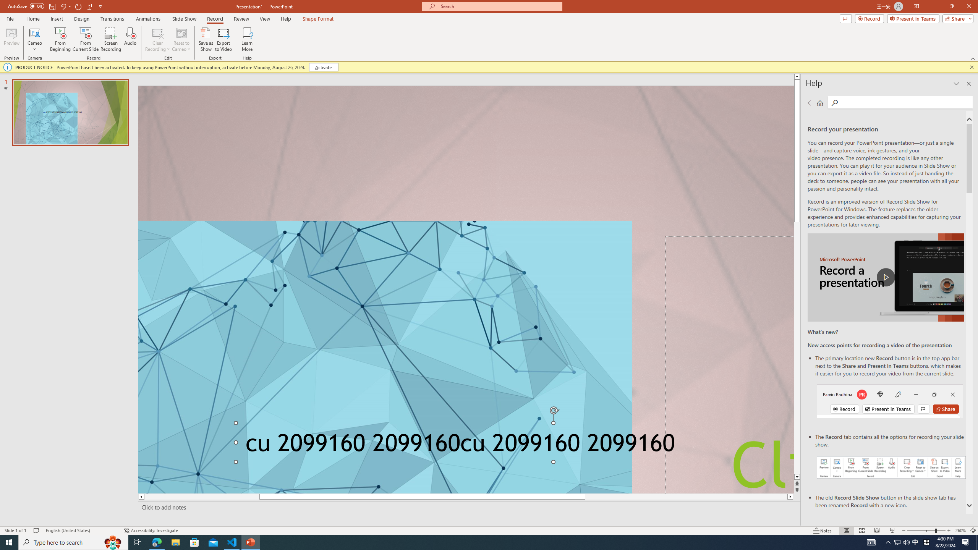 The width and height of the screenshot is (978, 550). What do you see at coordinates (181, 39) in the screenshot?
I see `'Reset to Cameo'` at bounding box center [181, 39].